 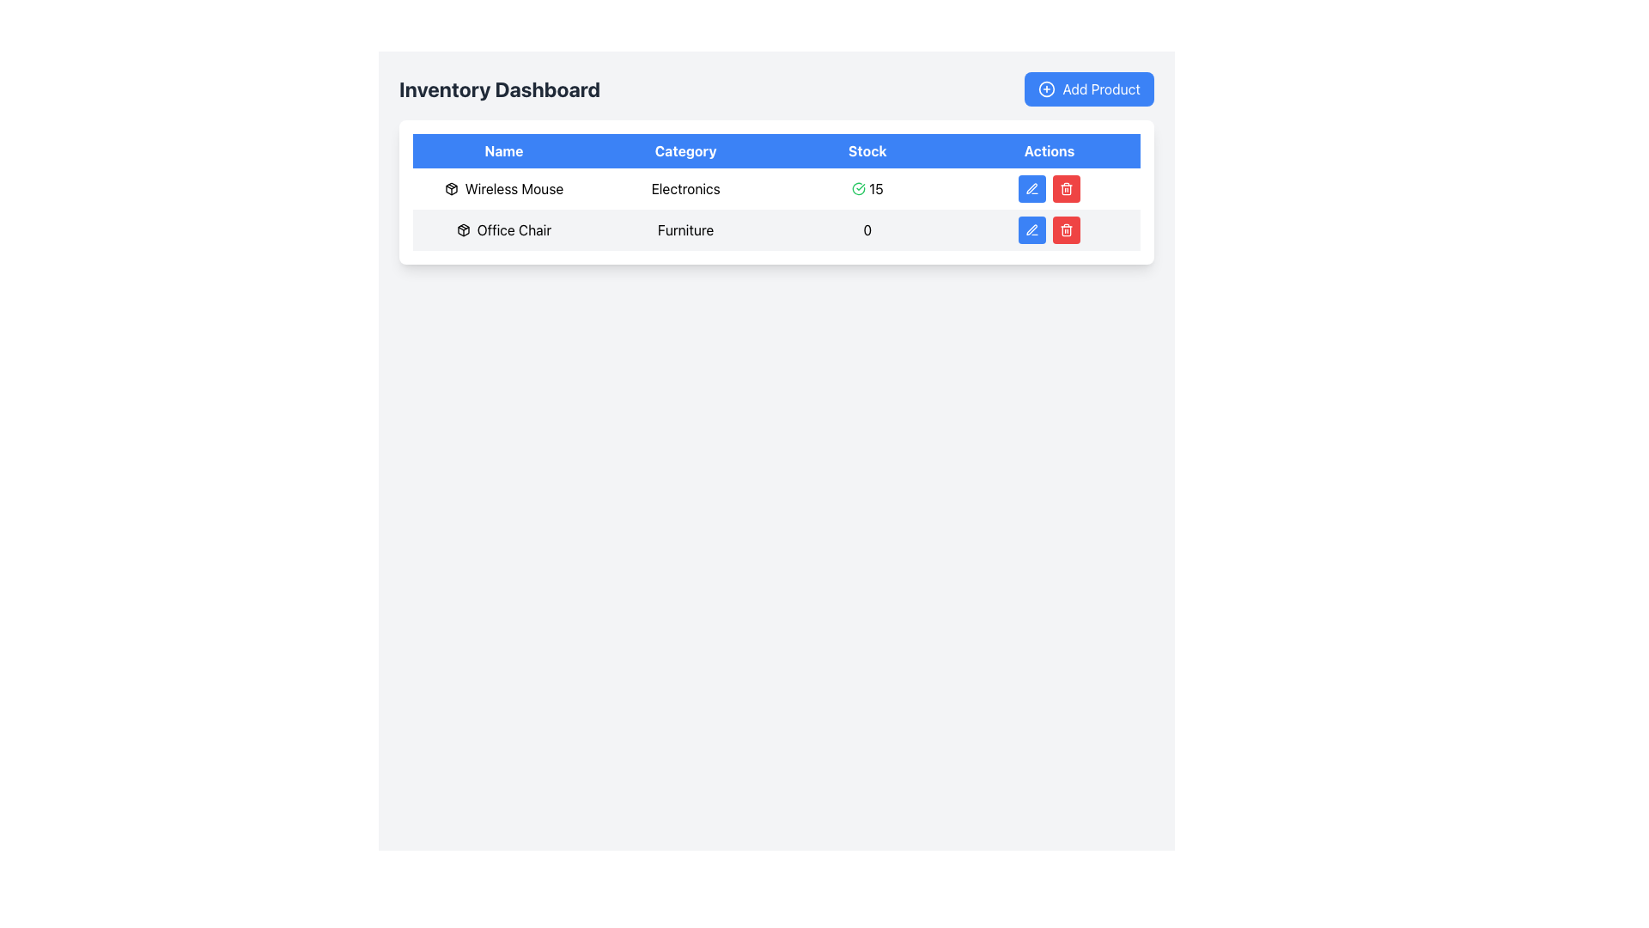 I want to click on the 'Office Chair' text label in the second item of the 'Name' column within the inventory dashboard, so click(x=513, y=229).